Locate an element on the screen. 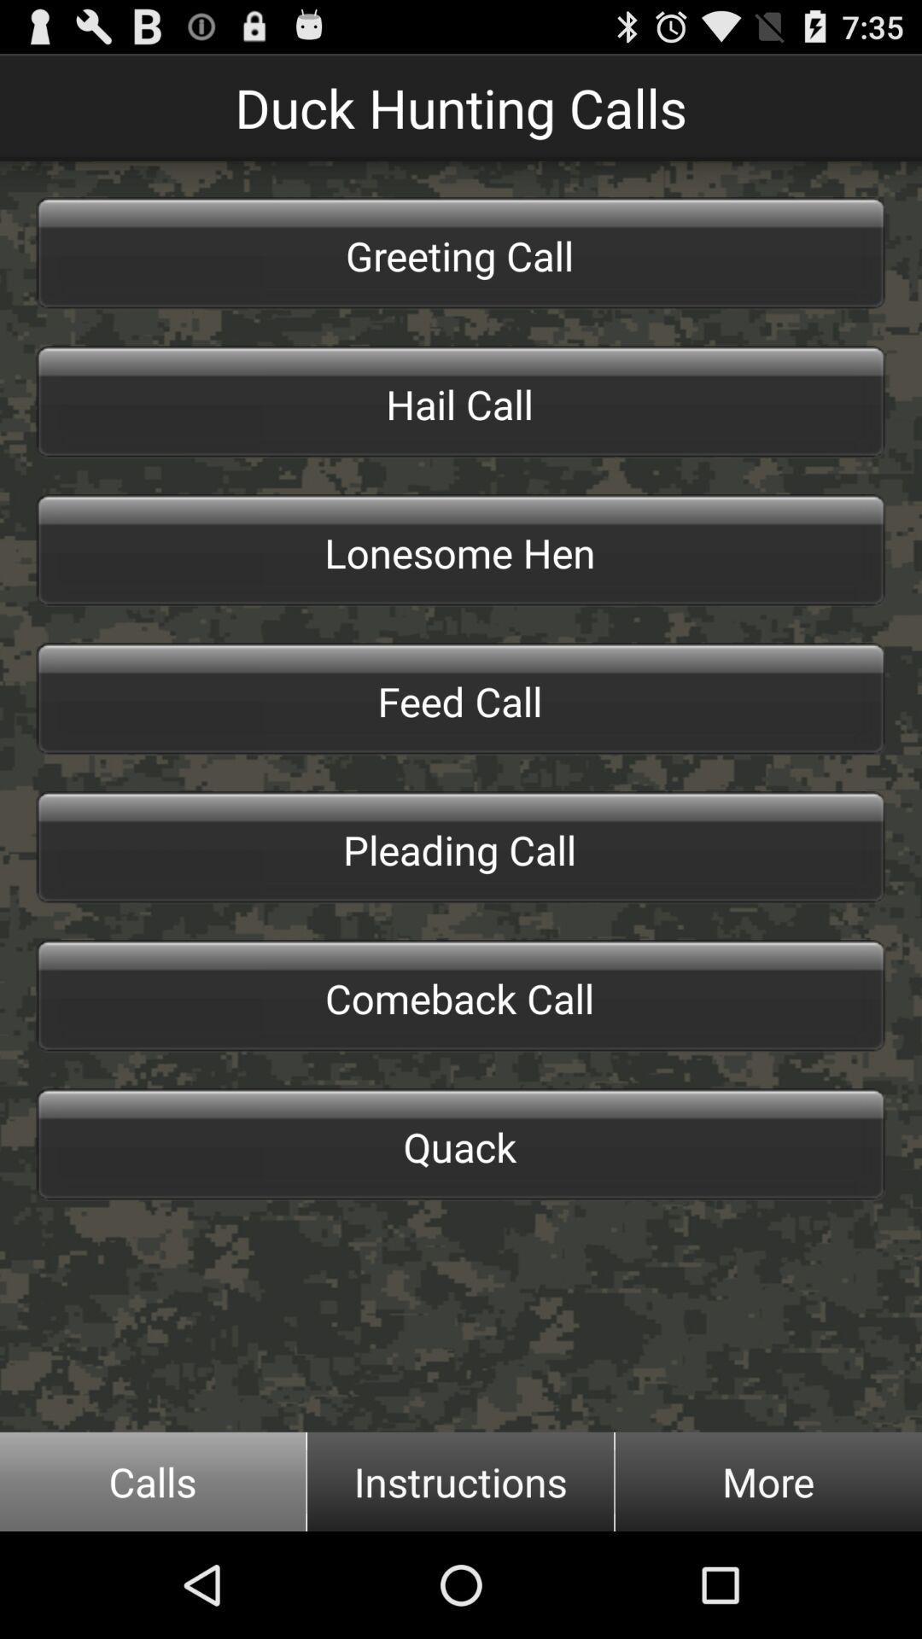  the button below the pleading call item is located at coordinates (461, 995).